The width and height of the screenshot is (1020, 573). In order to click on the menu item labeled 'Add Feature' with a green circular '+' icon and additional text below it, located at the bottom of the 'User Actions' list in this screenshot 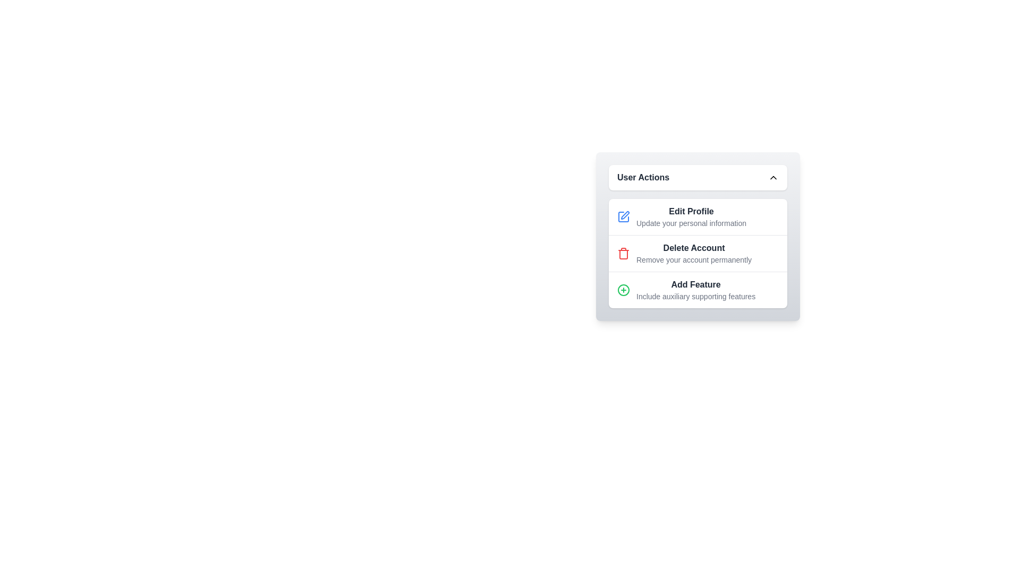, I will do `click(698, 290)`.